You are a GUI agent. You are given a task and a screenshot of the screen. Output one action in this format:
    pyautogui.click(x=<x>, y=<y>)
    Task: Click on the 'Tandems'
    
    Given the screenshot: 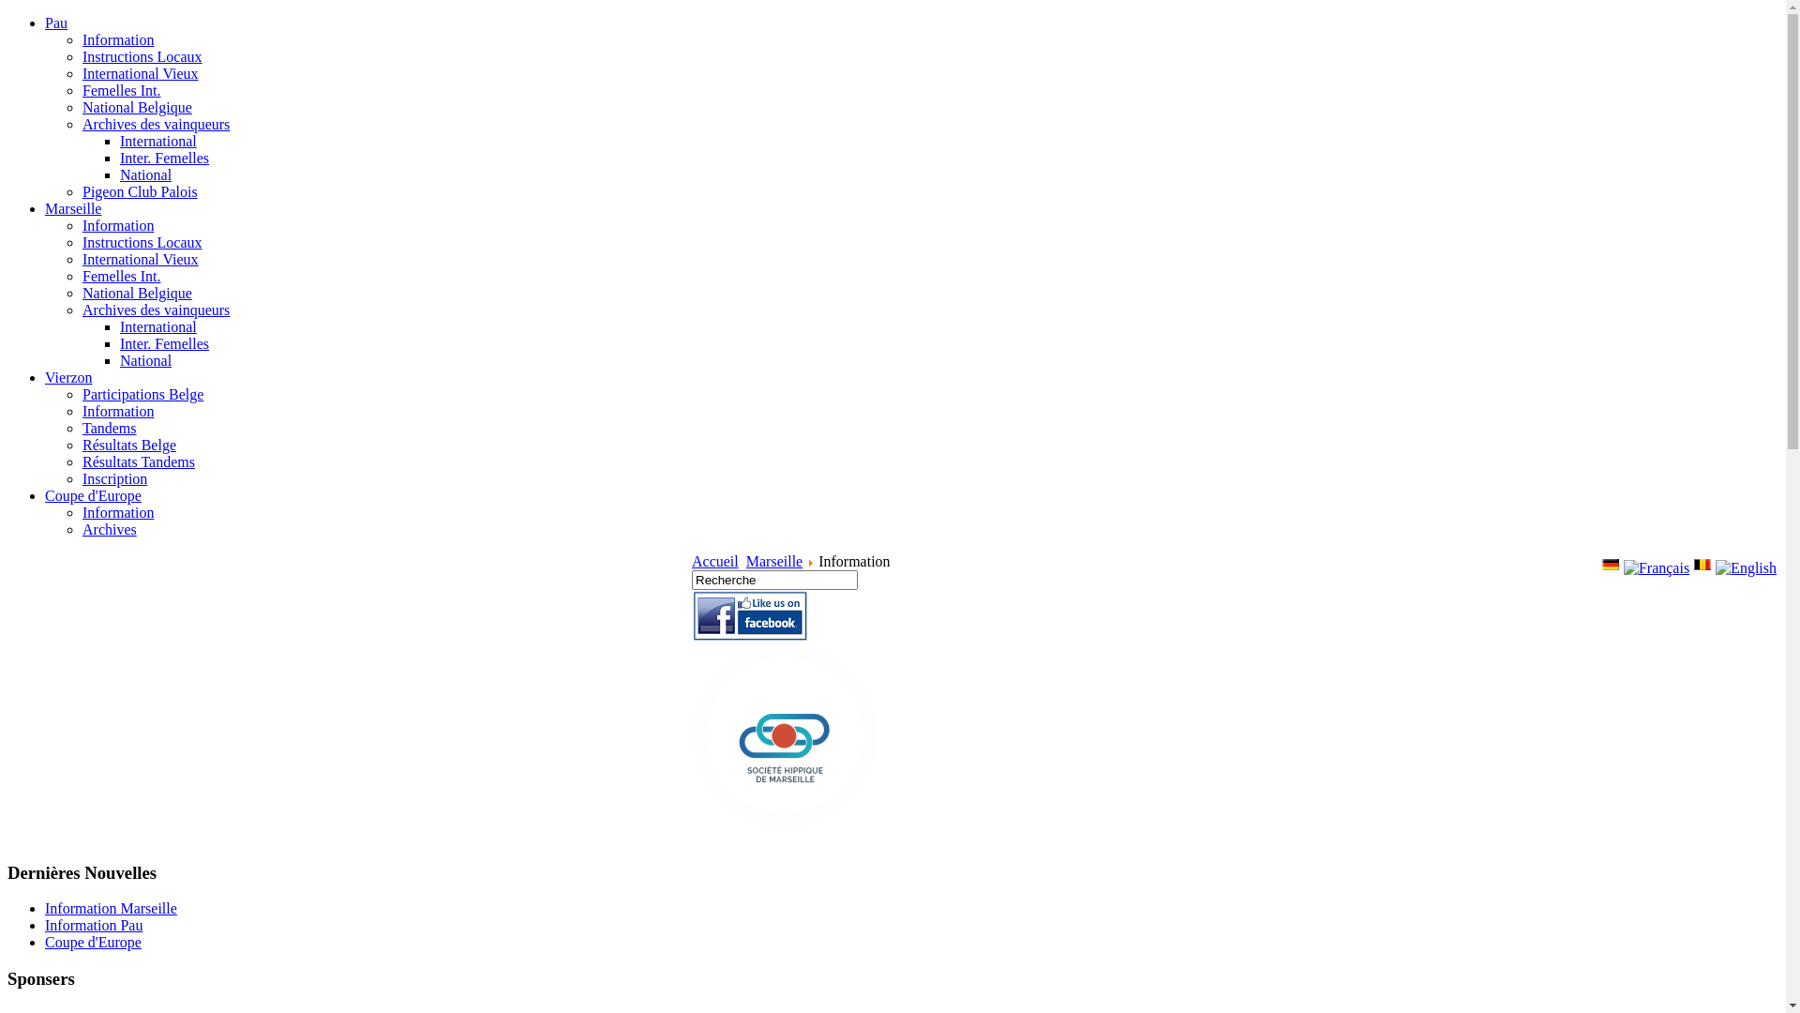 What is the action you would take?
    pyautogui.click(x=108, y=428)
    